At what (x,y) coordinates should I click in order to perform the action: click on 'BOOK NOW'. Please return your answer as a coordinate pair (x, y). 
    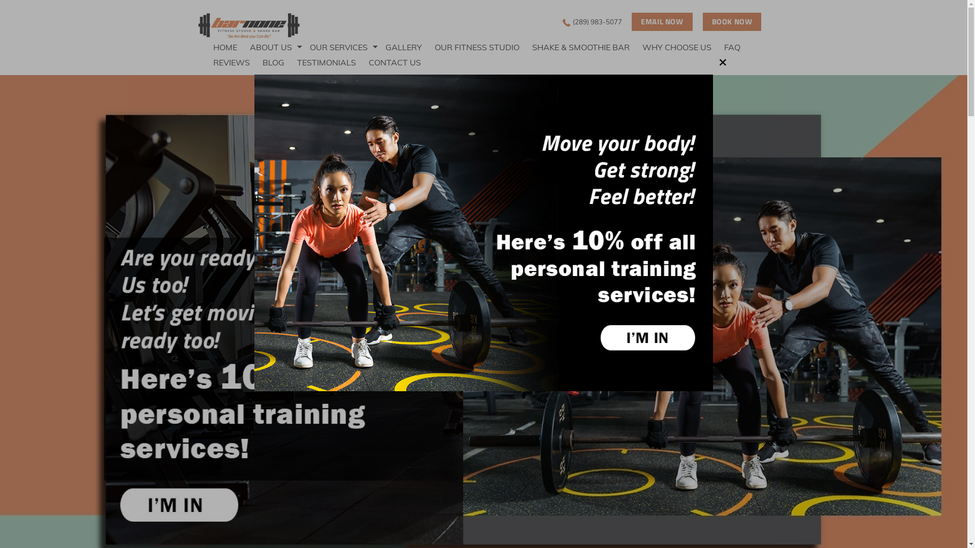
    Looking at the image, I should click on (732, 21).